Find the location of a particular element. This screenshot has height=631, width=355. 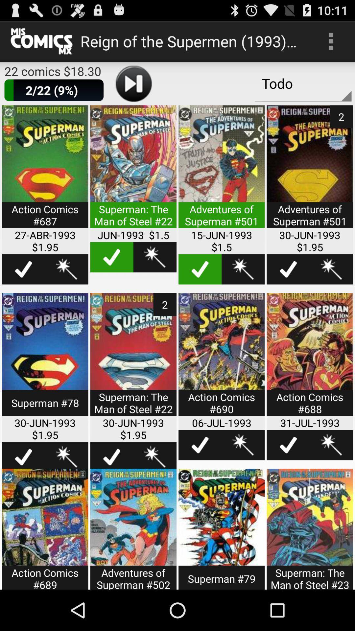

selection is located at coordinates (288, 445).